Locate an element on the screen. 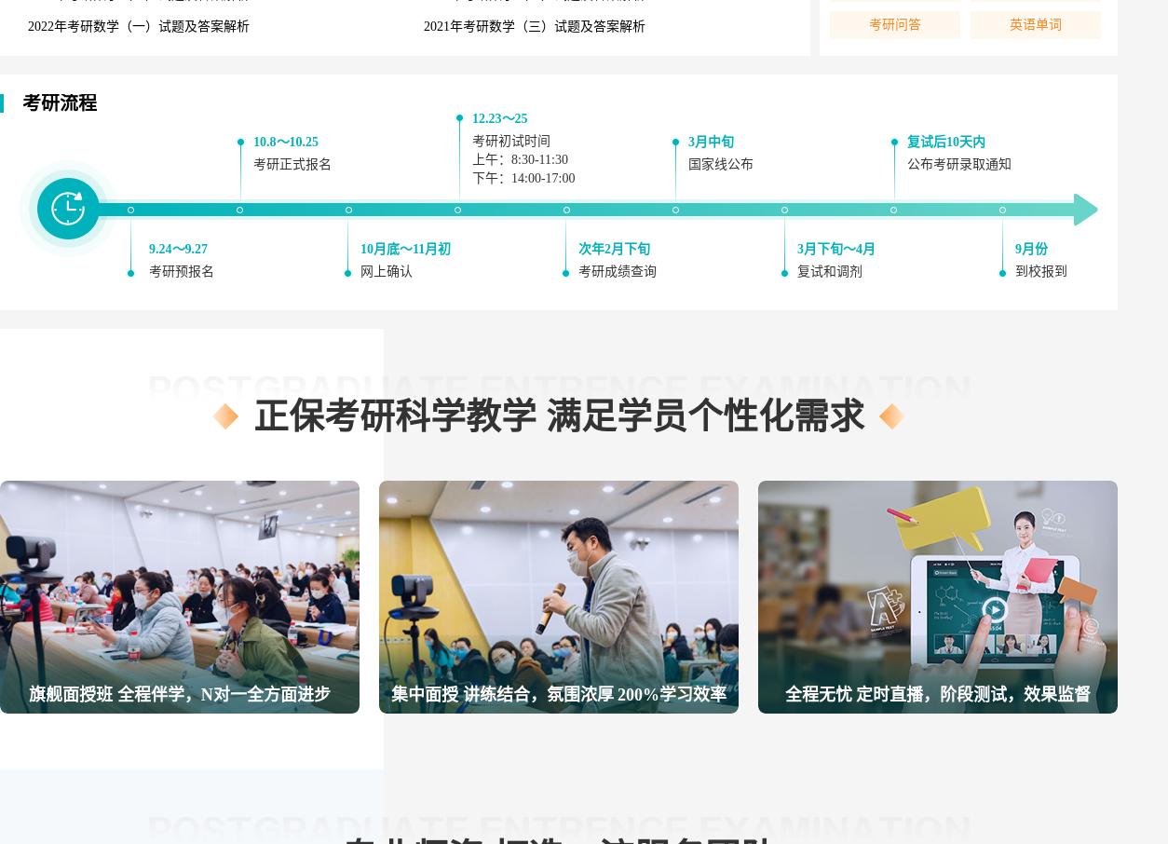 This screenshot has height=844, width=1168. '10月底～11月初' is located at coordinates (405, 249).